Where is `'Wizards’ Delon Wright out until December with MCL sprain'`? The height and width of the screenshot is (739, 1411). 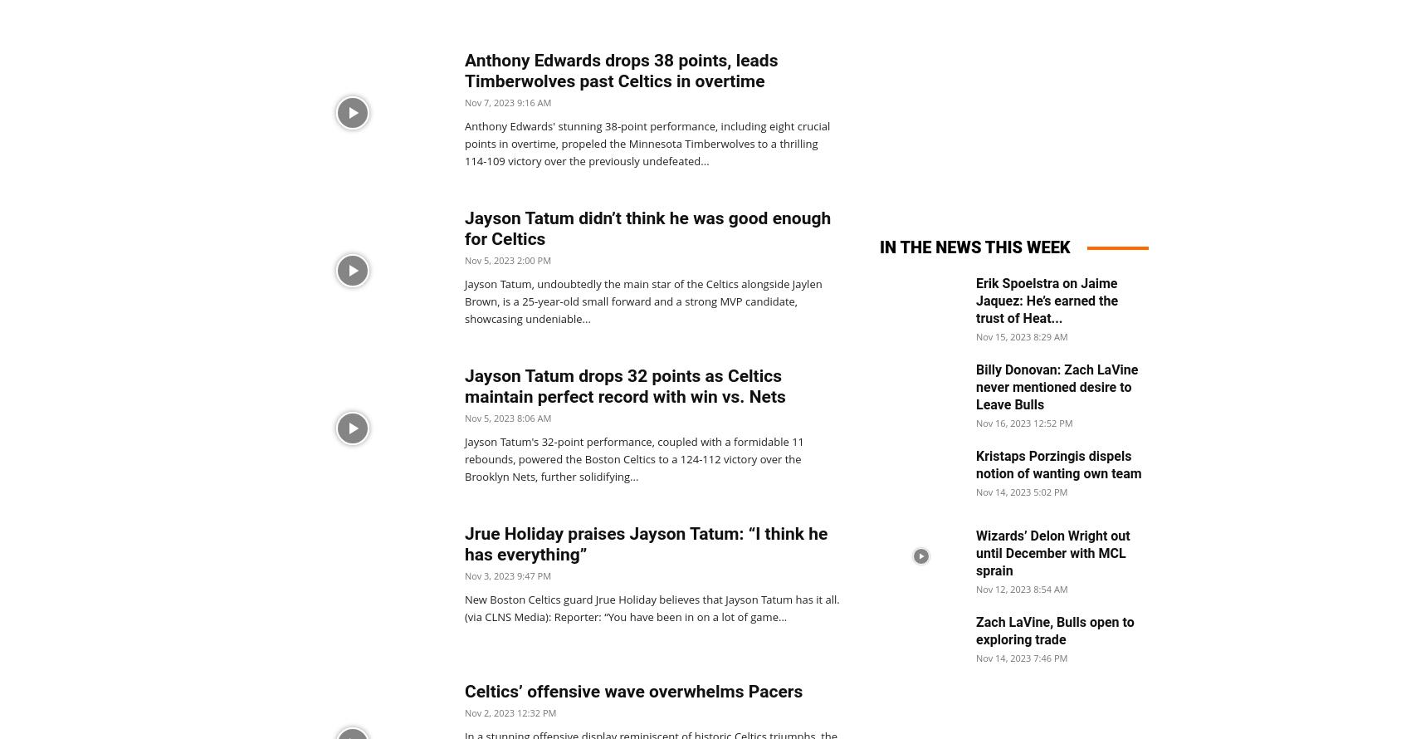
'Wizards’ Delon Wright out until December with MCL sprain' is located at coordinates (975, 553).